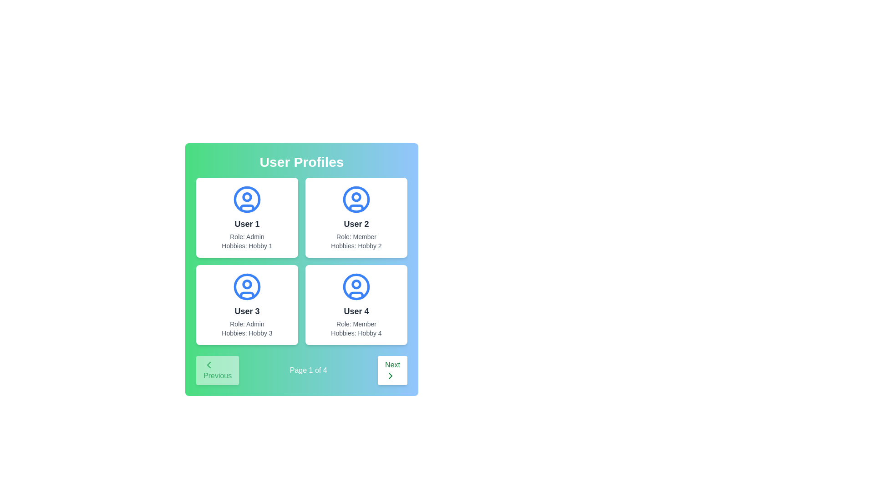  I want to click on the Static Label displaying 'User 2', which is a bold dark gray text positioned at the top-right of a white rounded rectangular card, above the other details, so click(356, 224).